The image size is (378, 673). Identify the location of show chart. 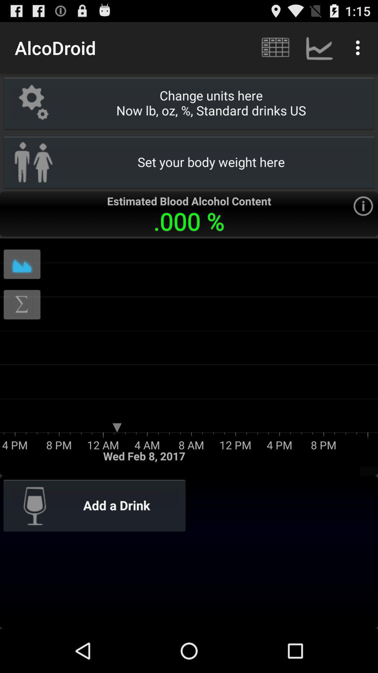
(21, 264).